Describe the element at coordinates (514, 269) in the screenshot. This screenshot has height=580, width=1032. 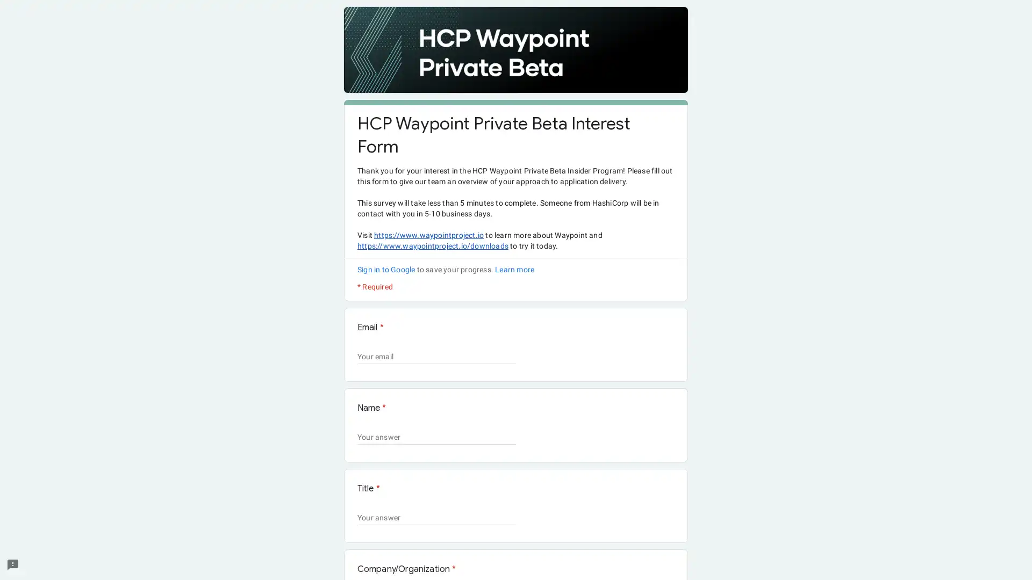
I see `Learn more` at that location.